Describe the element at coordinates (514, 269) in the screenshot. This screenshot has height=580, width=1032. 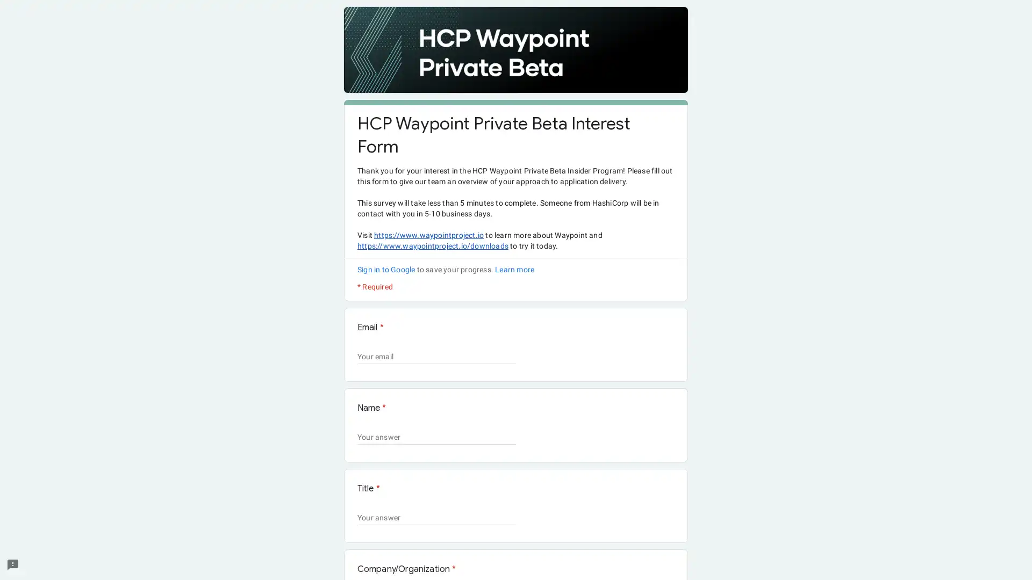
I see `Learn more` at that location.